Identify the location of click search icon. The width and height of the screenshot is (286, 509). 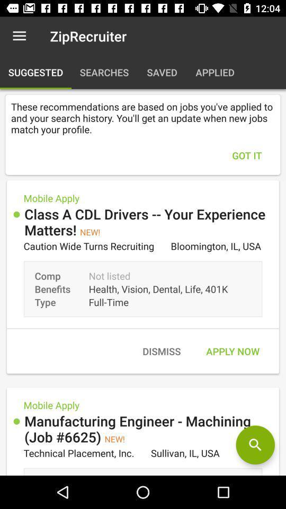
(255, 445).